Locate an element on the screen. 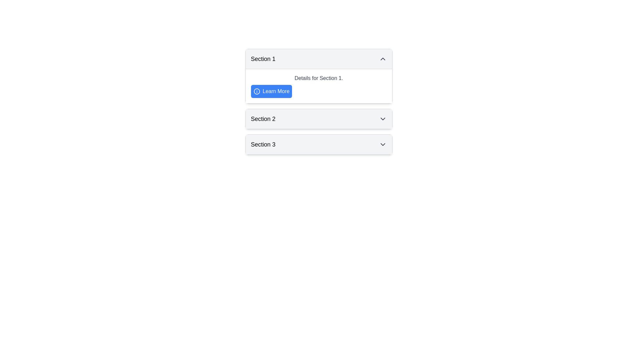 Image resolution: width=630 pixels, height=354 pixels. the text display element that reads 'Details for Section 1.' which is styled in dark gray font against a white background, positioned beneath 'Section 1' and above the 'Learn More' button is located at coordinates (319, 78).